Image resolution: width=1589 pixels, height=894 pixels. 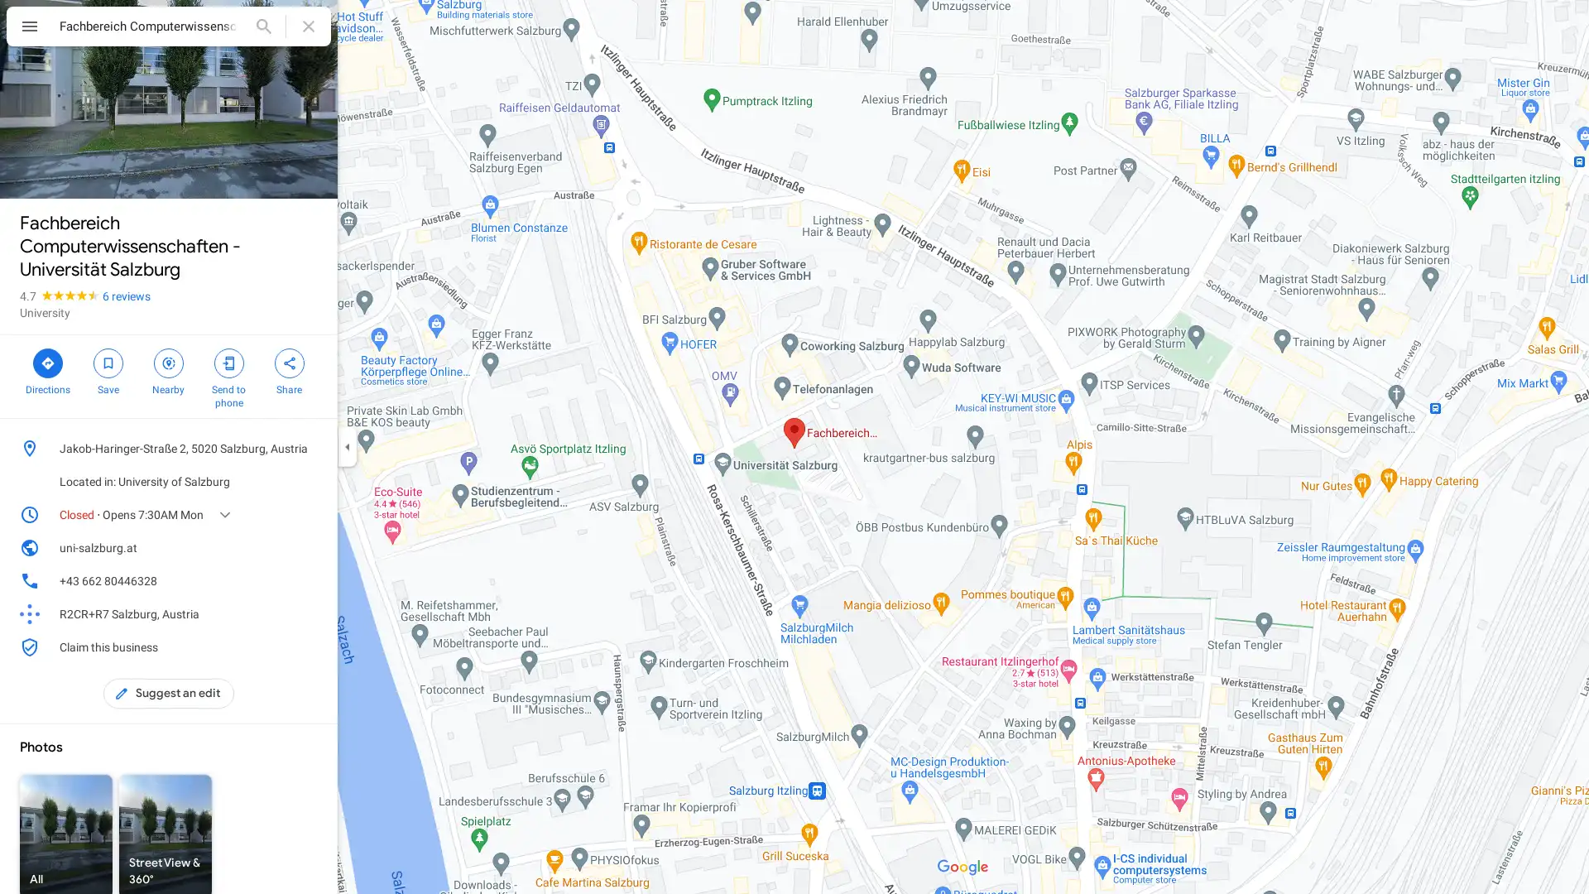 What do you see at coordinates (168, 369) in the screenshot?
I see `Search nearby Fachbereich Computerwissenschaften - Universitat Salzburg` at bounding box center [168, 369].